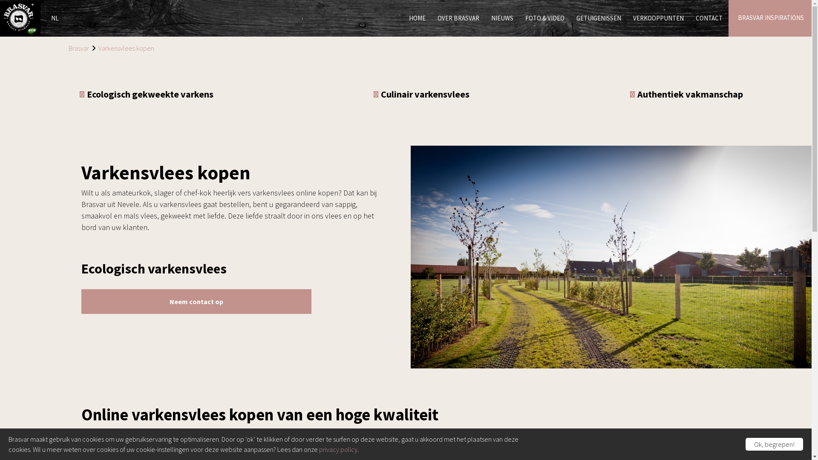 This screenshot has height=460, width=818. What do you see at coordinates (774, 443) in the screenshot?
I see `'Ok, begrepen!'` at bounding box center [774, 443].